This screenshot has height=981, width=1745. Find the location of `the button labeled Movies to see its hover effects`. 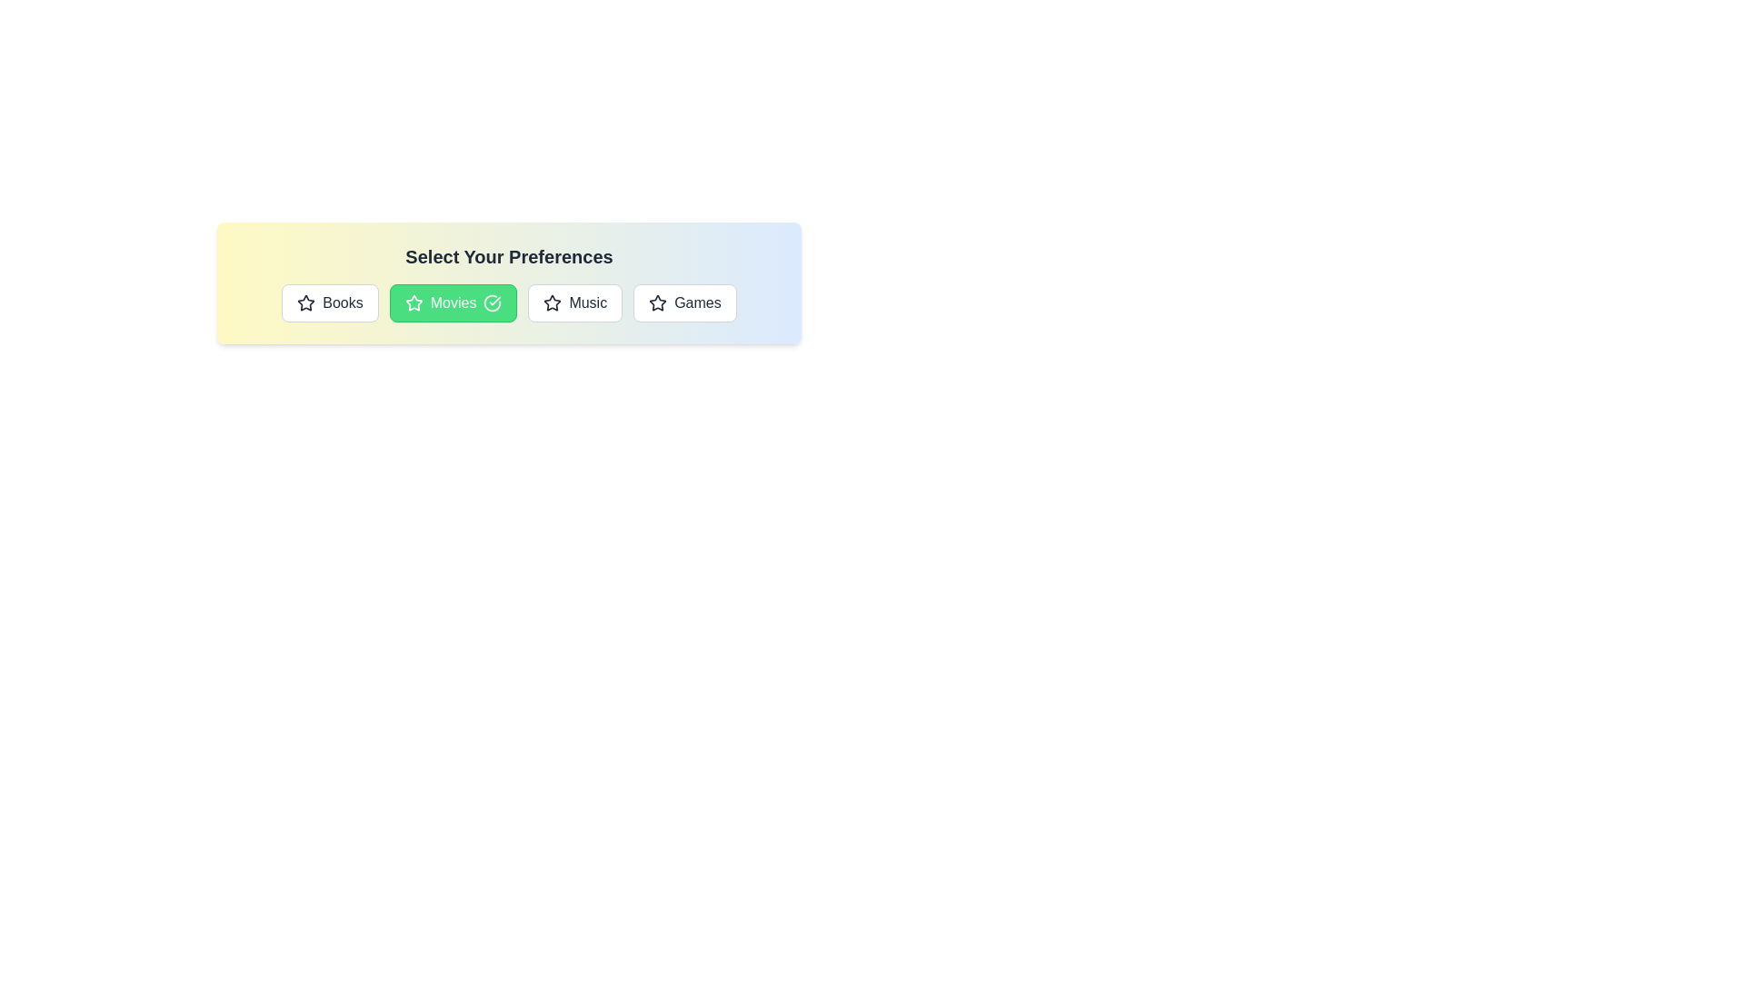

the button labeled Movies to see its hover effects is located at coordinates (454, 302).